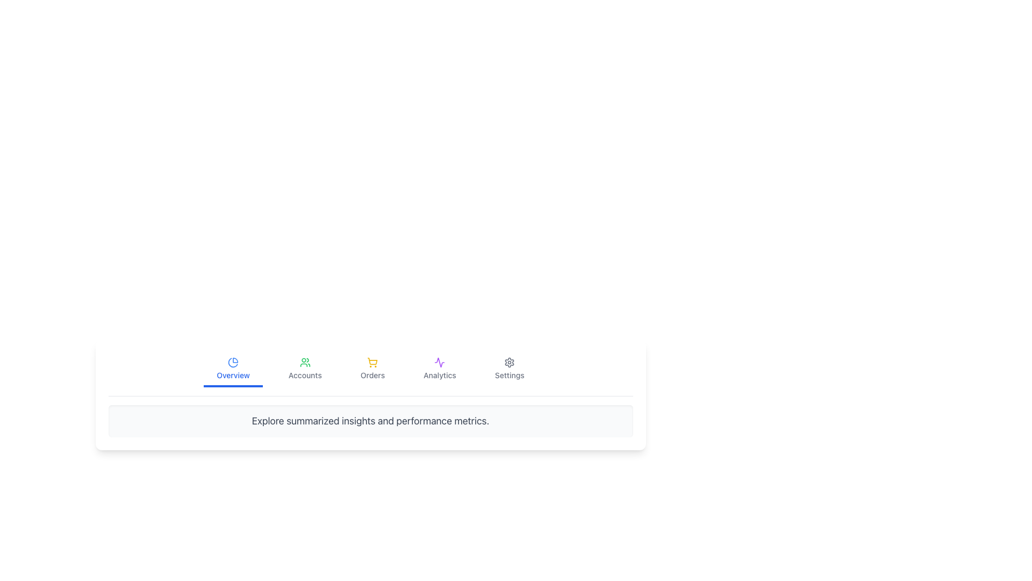 The width and height of the screenshot is (1032, 581). What do you see at coordinates (370, 421) in the screenshot?
I see `informational text block that contains the message 'Explore summarized insights and performance metrics.' which is styled with a light gray background and located centrally below the navigation bar` at bounding box center [370, 421].